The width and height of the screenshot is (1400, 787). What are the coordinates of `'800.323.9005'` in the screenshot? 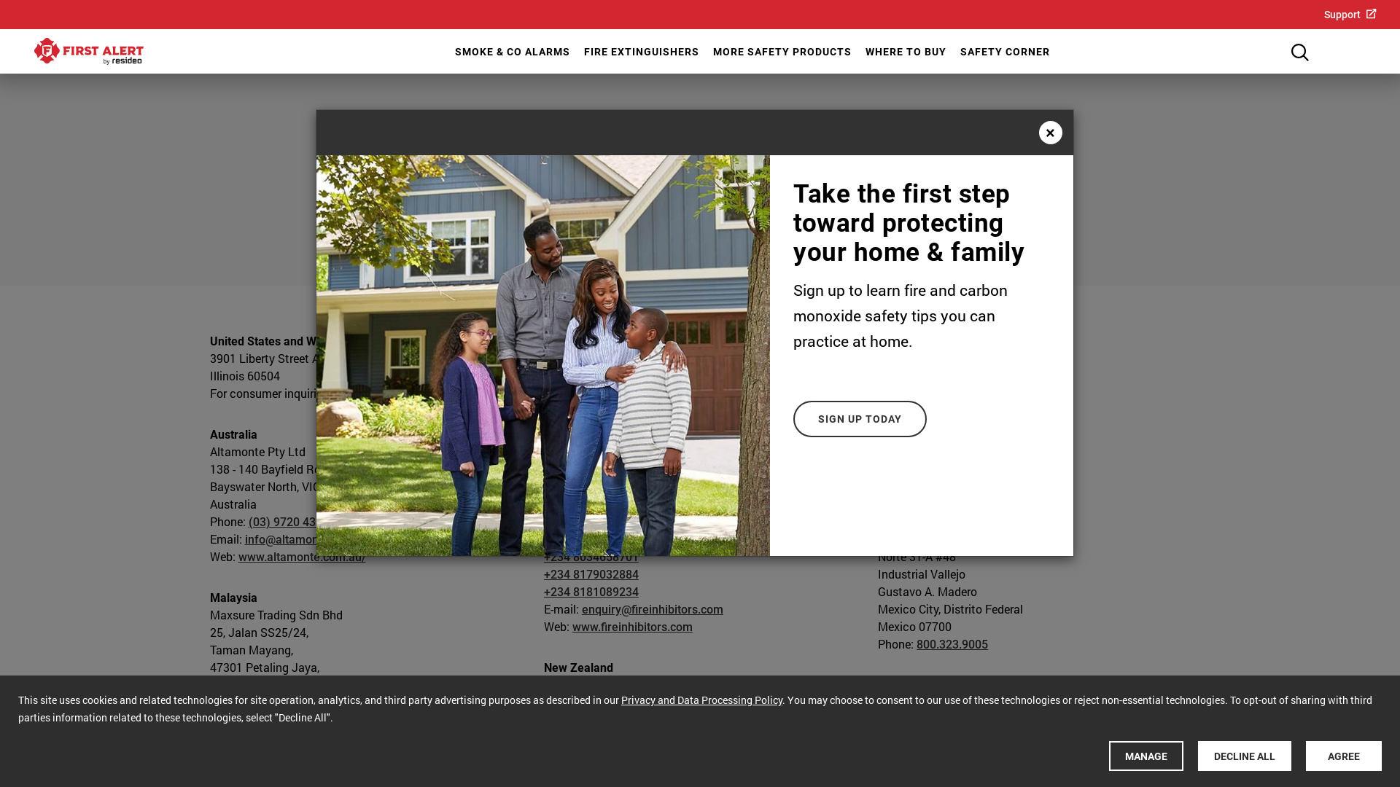 It's located at (952, 643).